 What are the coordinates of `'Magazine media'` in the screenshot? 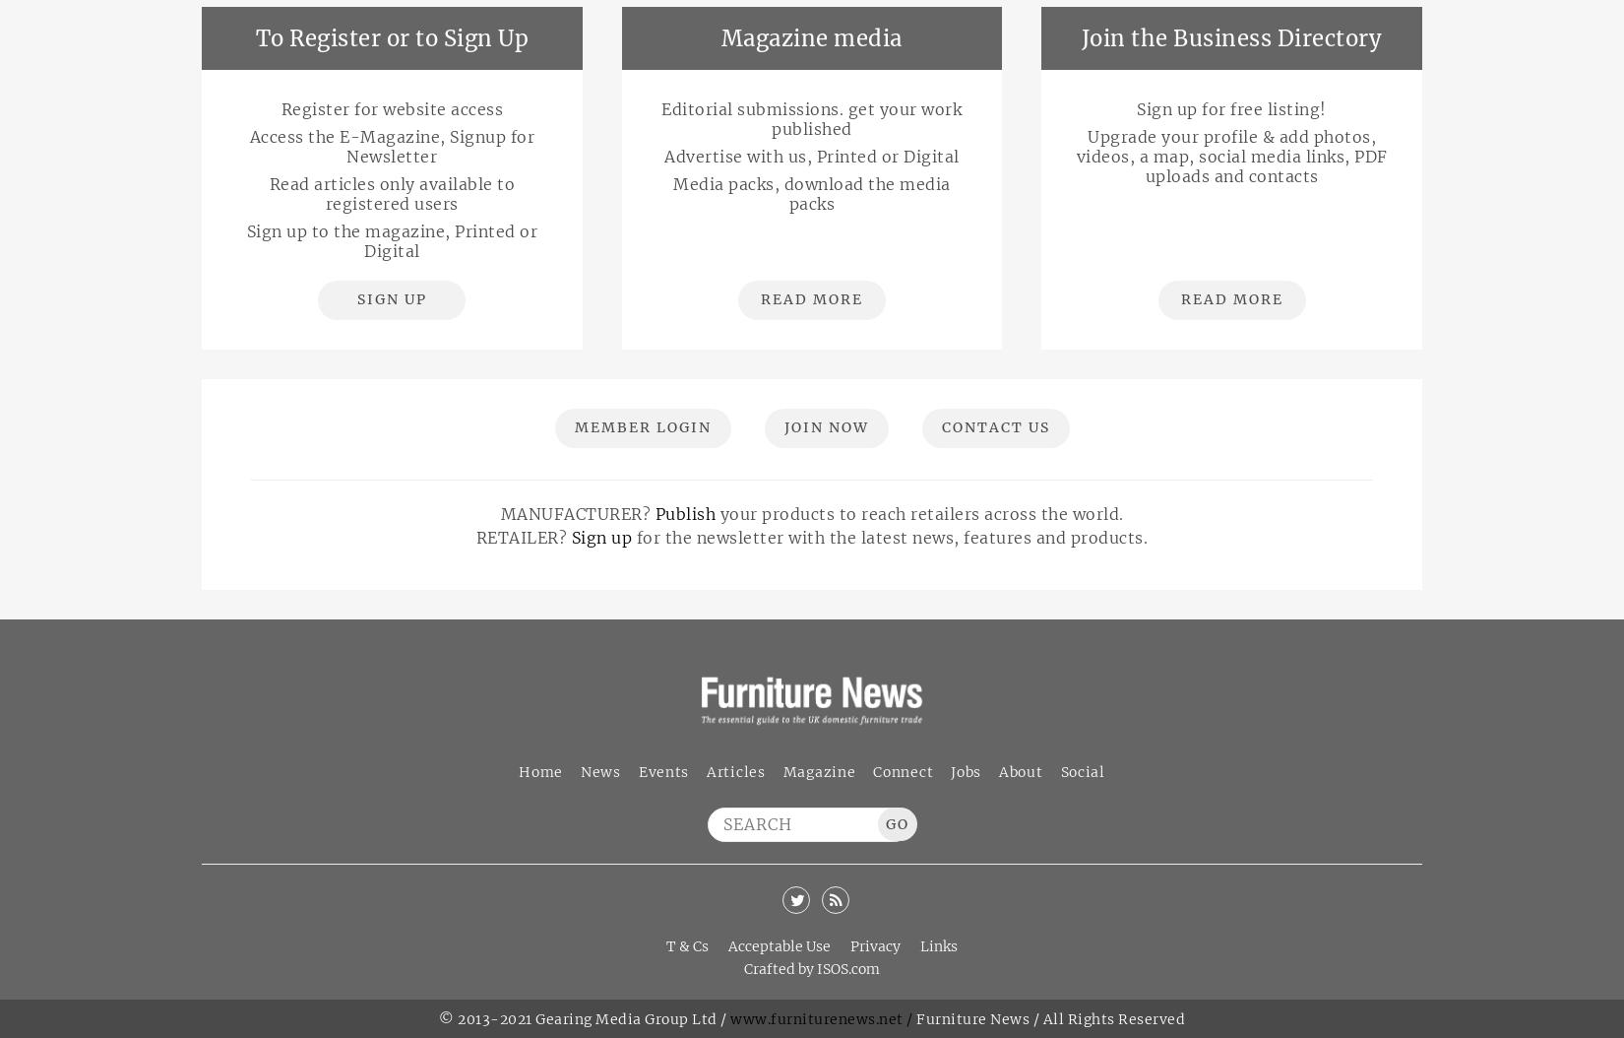 It's located at (810, 37).